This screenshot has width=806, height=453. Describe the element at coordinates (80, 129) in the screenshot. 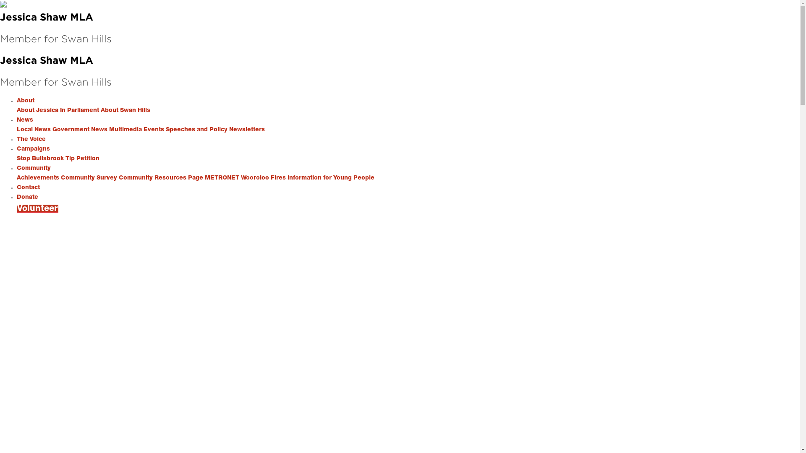

I see `'Government News'` at that location.